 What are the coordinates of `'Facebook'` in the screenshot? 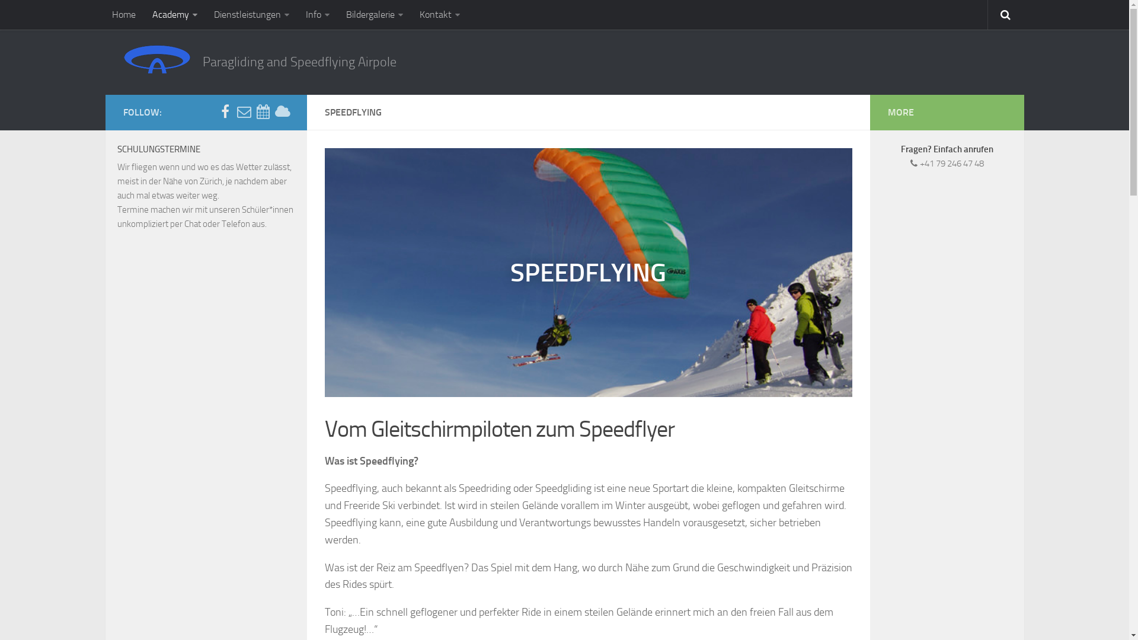 It's located at (225, 112).